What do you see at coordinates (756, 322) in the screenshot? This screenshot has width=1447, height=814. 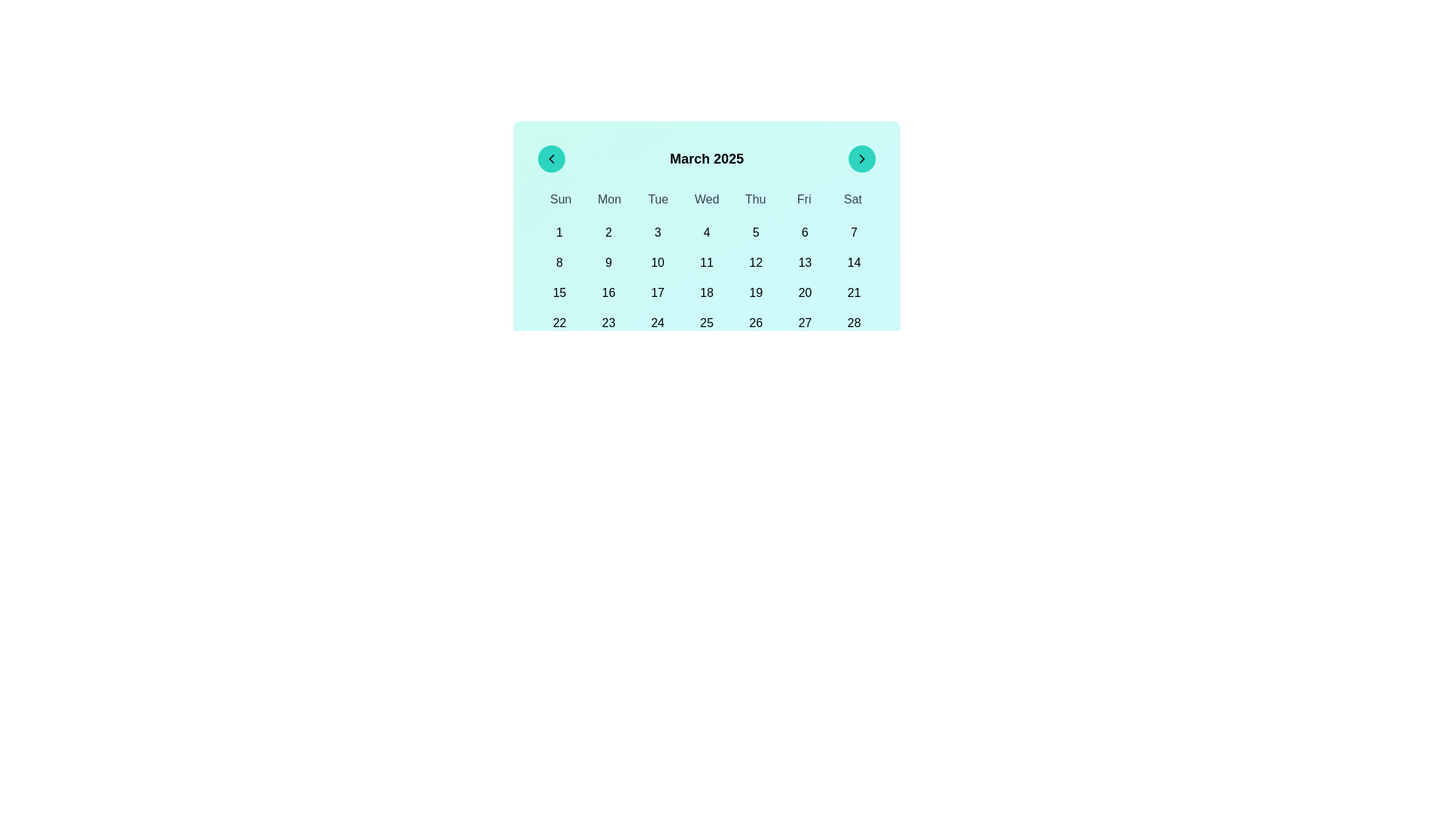 I see `the interactive button displaying the number '26' in the grid layout of the March 2025 calendar` at bounding box center [756, 322].